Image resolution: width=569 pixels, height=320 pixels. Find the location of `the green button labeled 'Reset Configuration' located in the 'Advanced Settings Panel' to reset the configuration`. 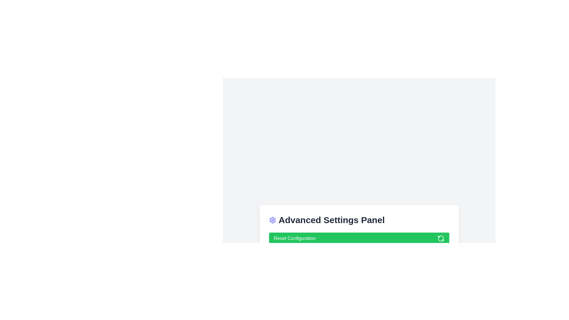

the green button labeled 'Reset Configuration' located in the 'Advanced Settings Panel' to reset the configuration is located at coordinates (359, 237).